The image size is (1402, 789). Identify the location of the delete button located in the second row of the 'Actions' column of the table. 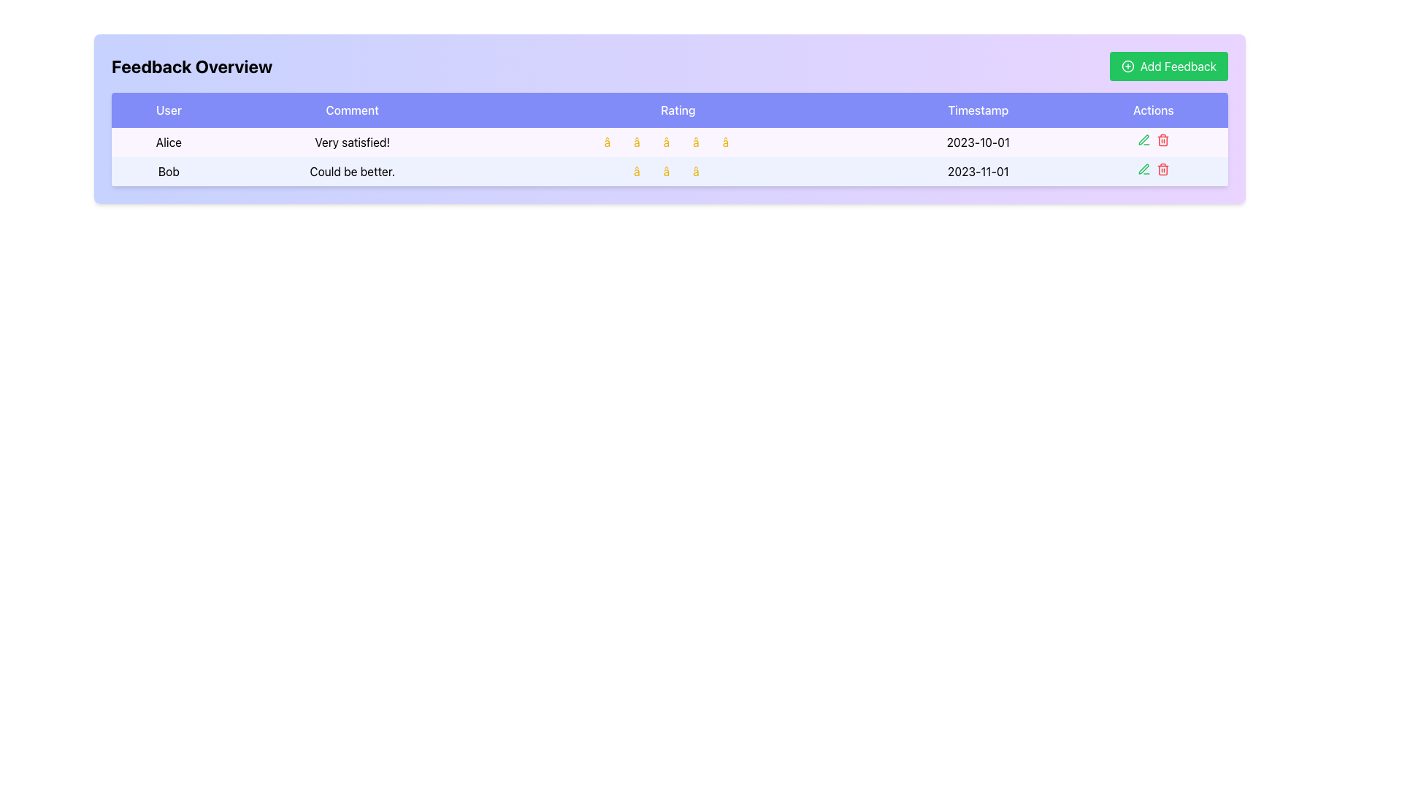
(1162, 168).